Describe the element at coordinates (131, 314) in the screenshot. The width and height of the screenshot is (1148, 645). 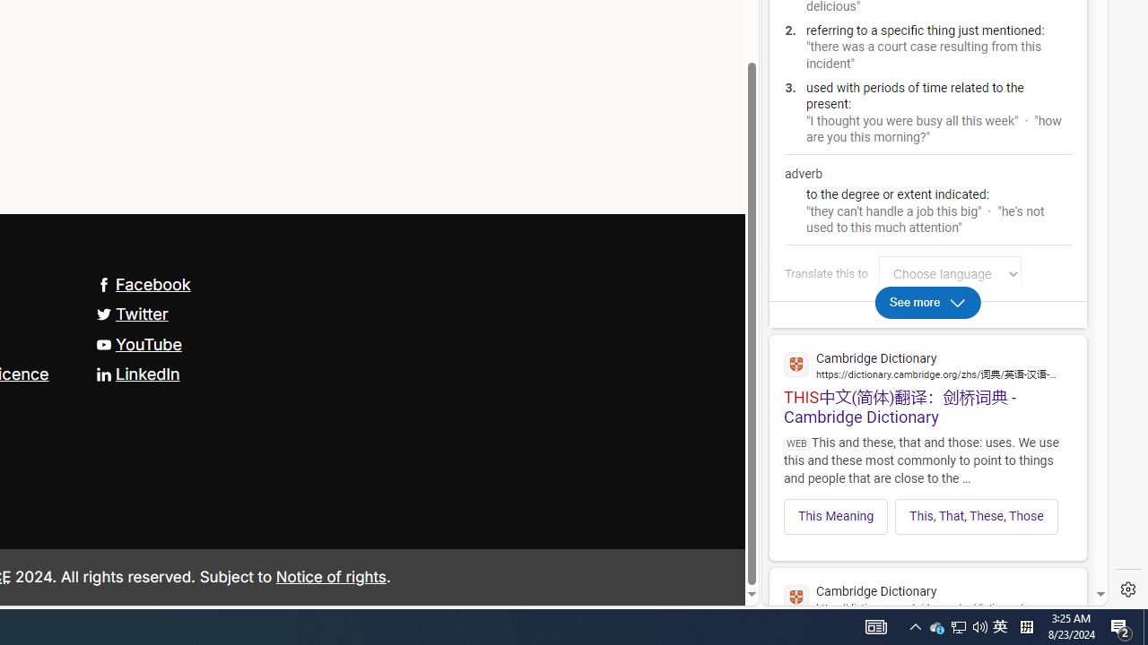
I see `'Twitter'` at that location.